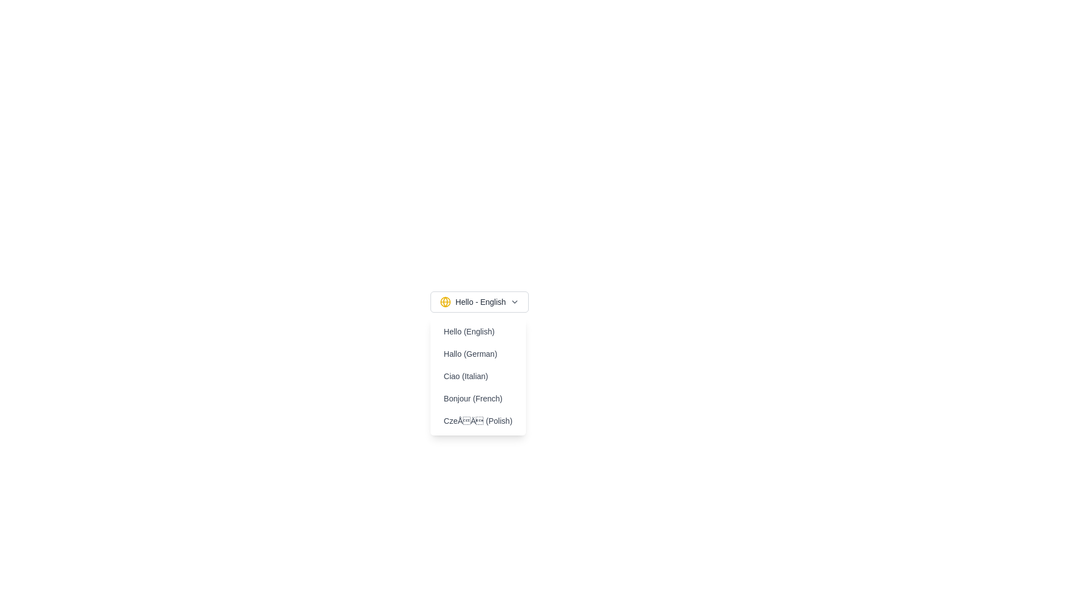 The height and width of the screenshot is (603, 1072). Describe the element at coordinates (478, 353) in the screenshot. I see `the text label displaying 'Hallo (German)' which is the second option` at that location.